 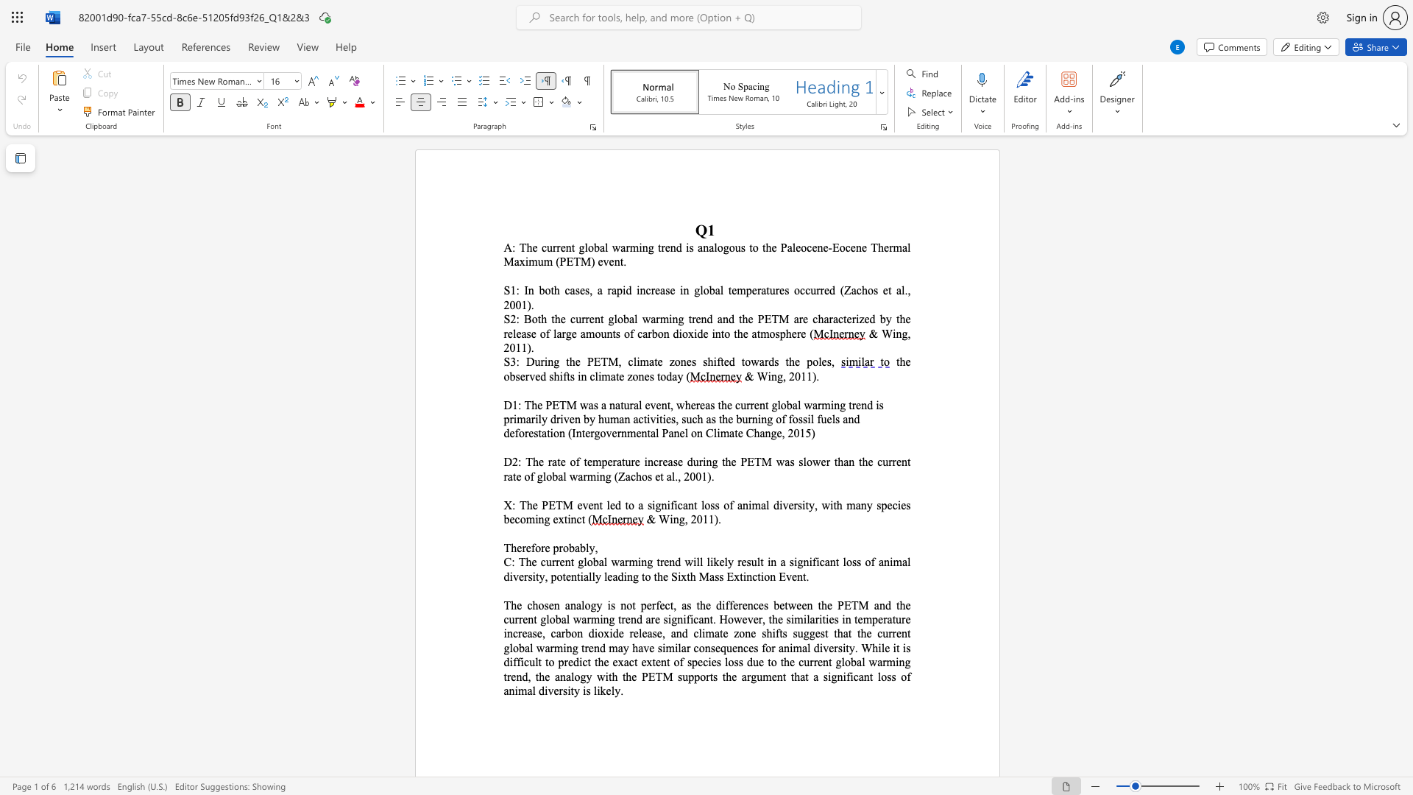 What do you see at coordinates (667, 461) in the screenshot?
I see `the subset text "ase during the PETM was slower than the current rate of glo" within the text "ncrease during the PETM was slower than the current rate of global warming (Zachos et al., 2001)."` at bounding box center [667, 461].